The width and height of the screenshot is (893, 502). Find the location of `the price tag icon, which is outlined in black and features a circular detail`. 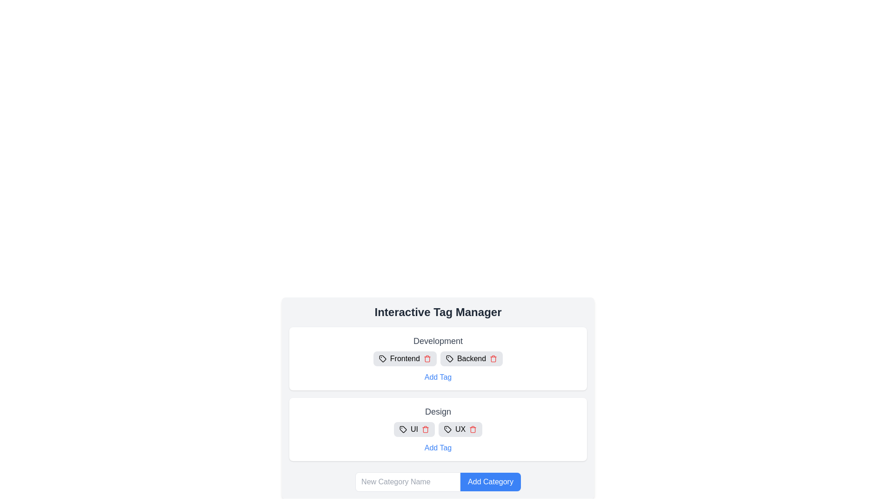

the price tag icon, which is outlined in black and features a circular detail is located at coordinates (447, 429).